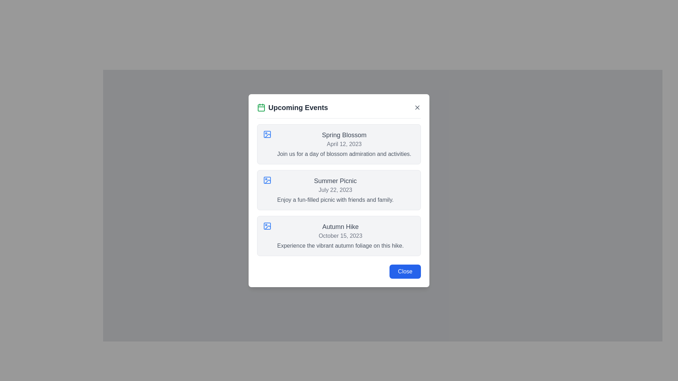 This screenshot has width=678, height=381. I want to click on the informational card titled 'Autumn Hike', so click(339, 235).